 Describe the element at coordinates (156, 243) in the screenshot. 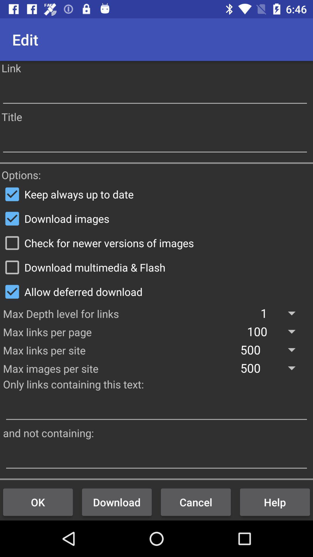

I see `the check for newer icon` at that location.